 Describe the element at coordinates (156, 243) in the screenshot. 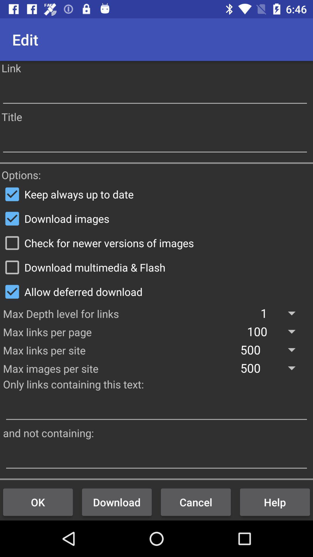

I see `the check for newer icon` at that location.